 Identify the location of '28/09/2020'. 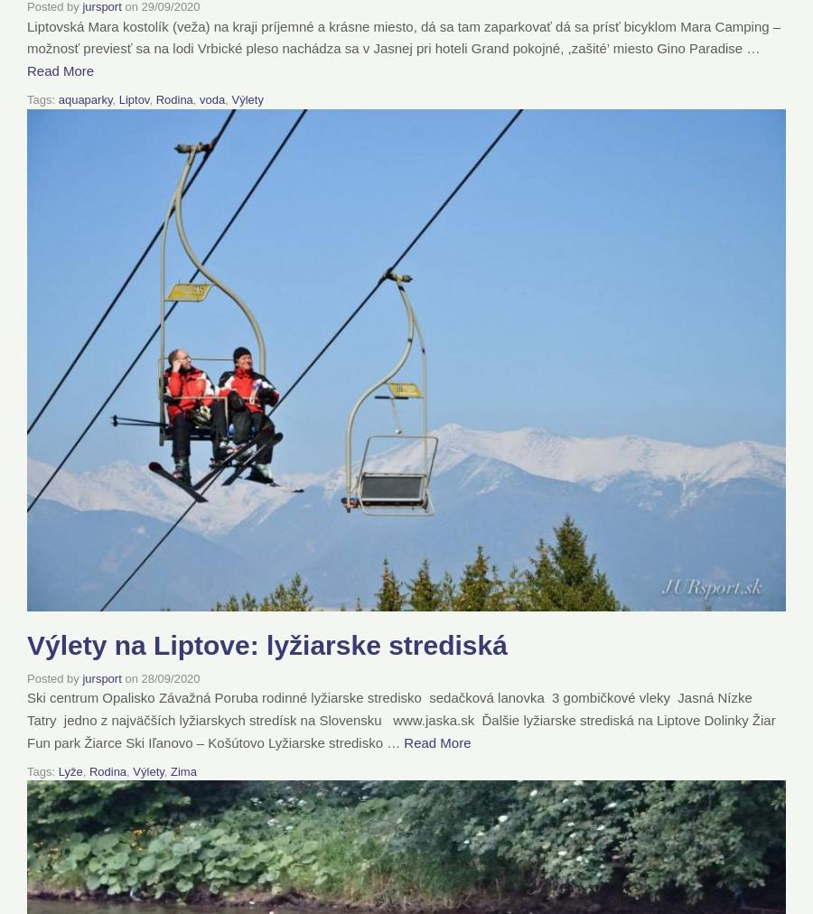
(170, 677).